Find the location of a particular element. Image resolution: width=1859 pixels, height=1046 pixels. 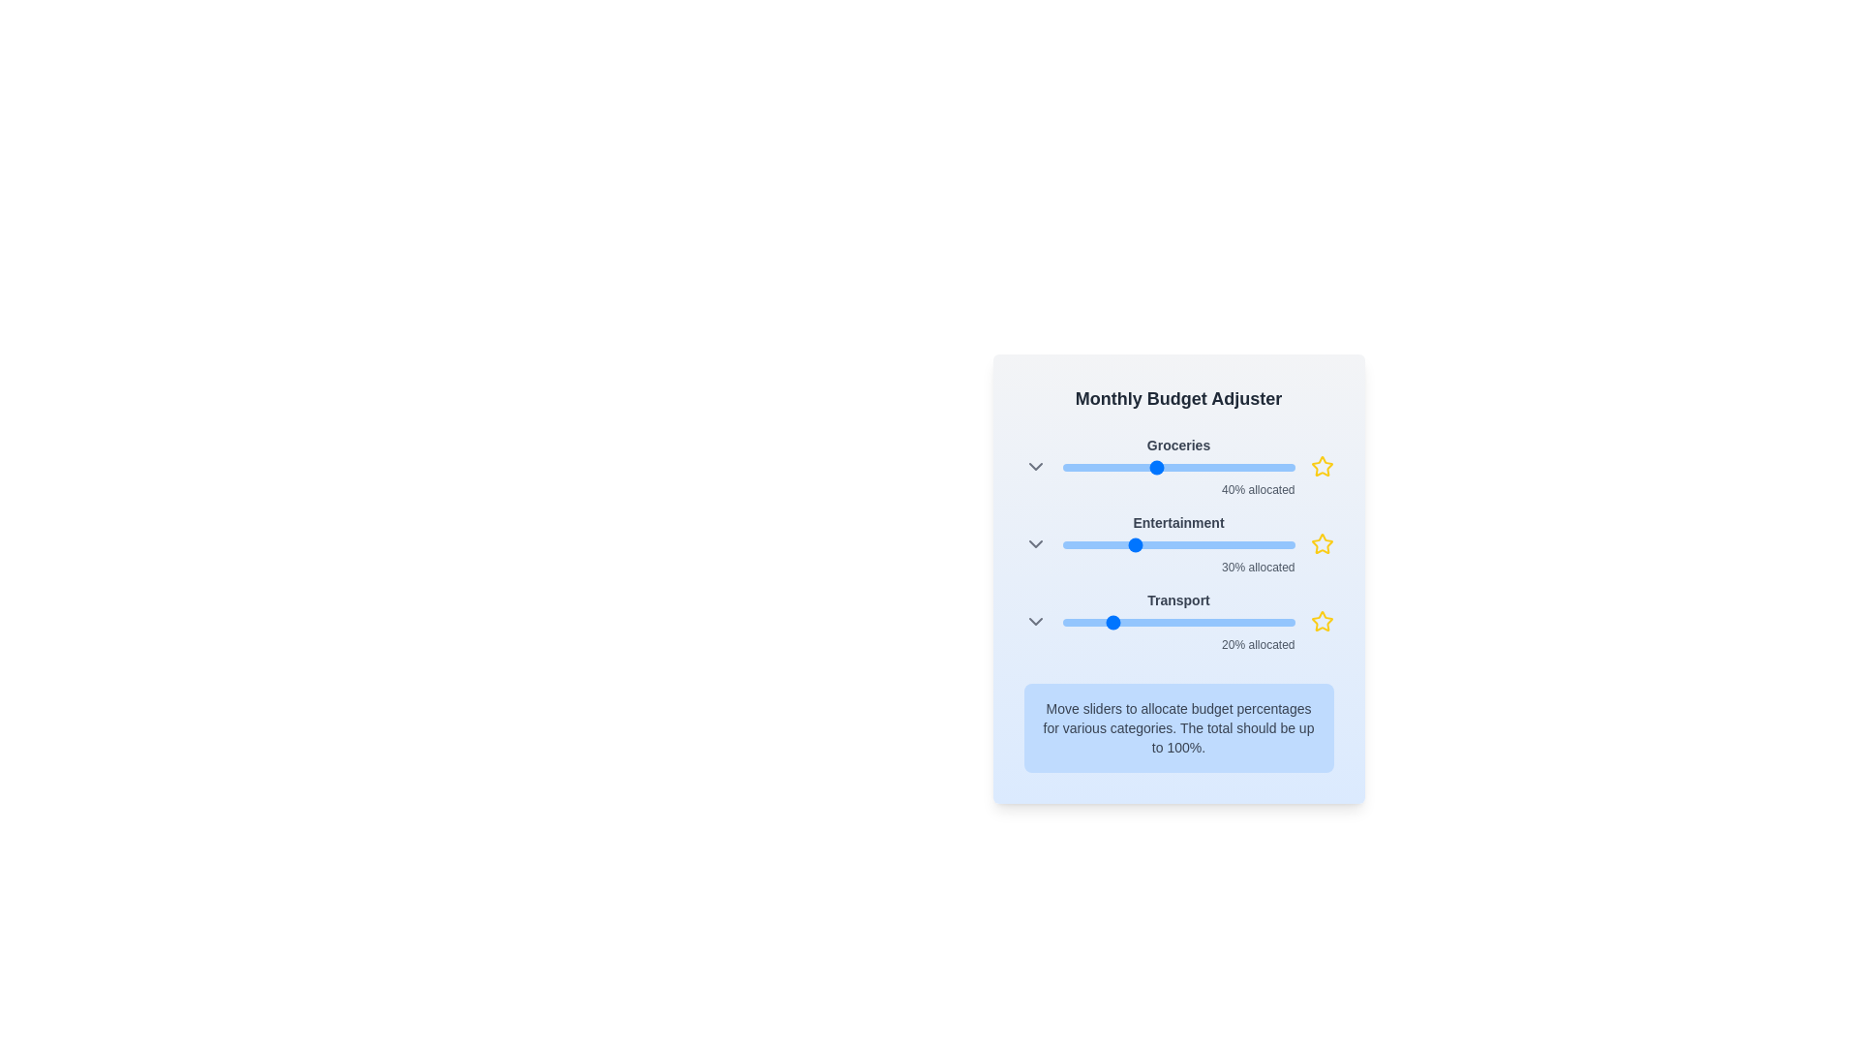

the ChevronDown icon for Transport to expand or collapse its options is located at coordinates (1034, 621).